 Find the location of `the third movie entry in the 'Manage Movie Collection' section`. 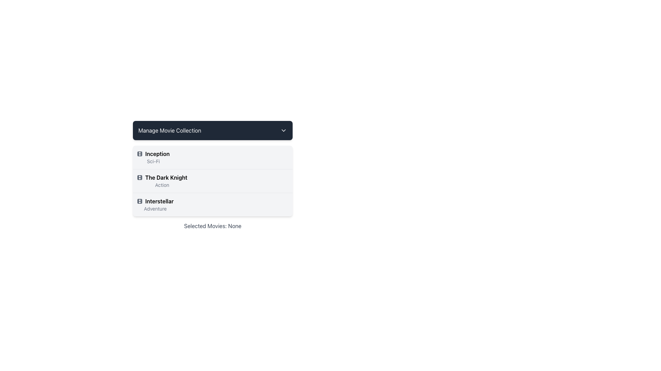

the third movie entry in the 'Manage Movie Collection' section is located at coordinates (212, 204).